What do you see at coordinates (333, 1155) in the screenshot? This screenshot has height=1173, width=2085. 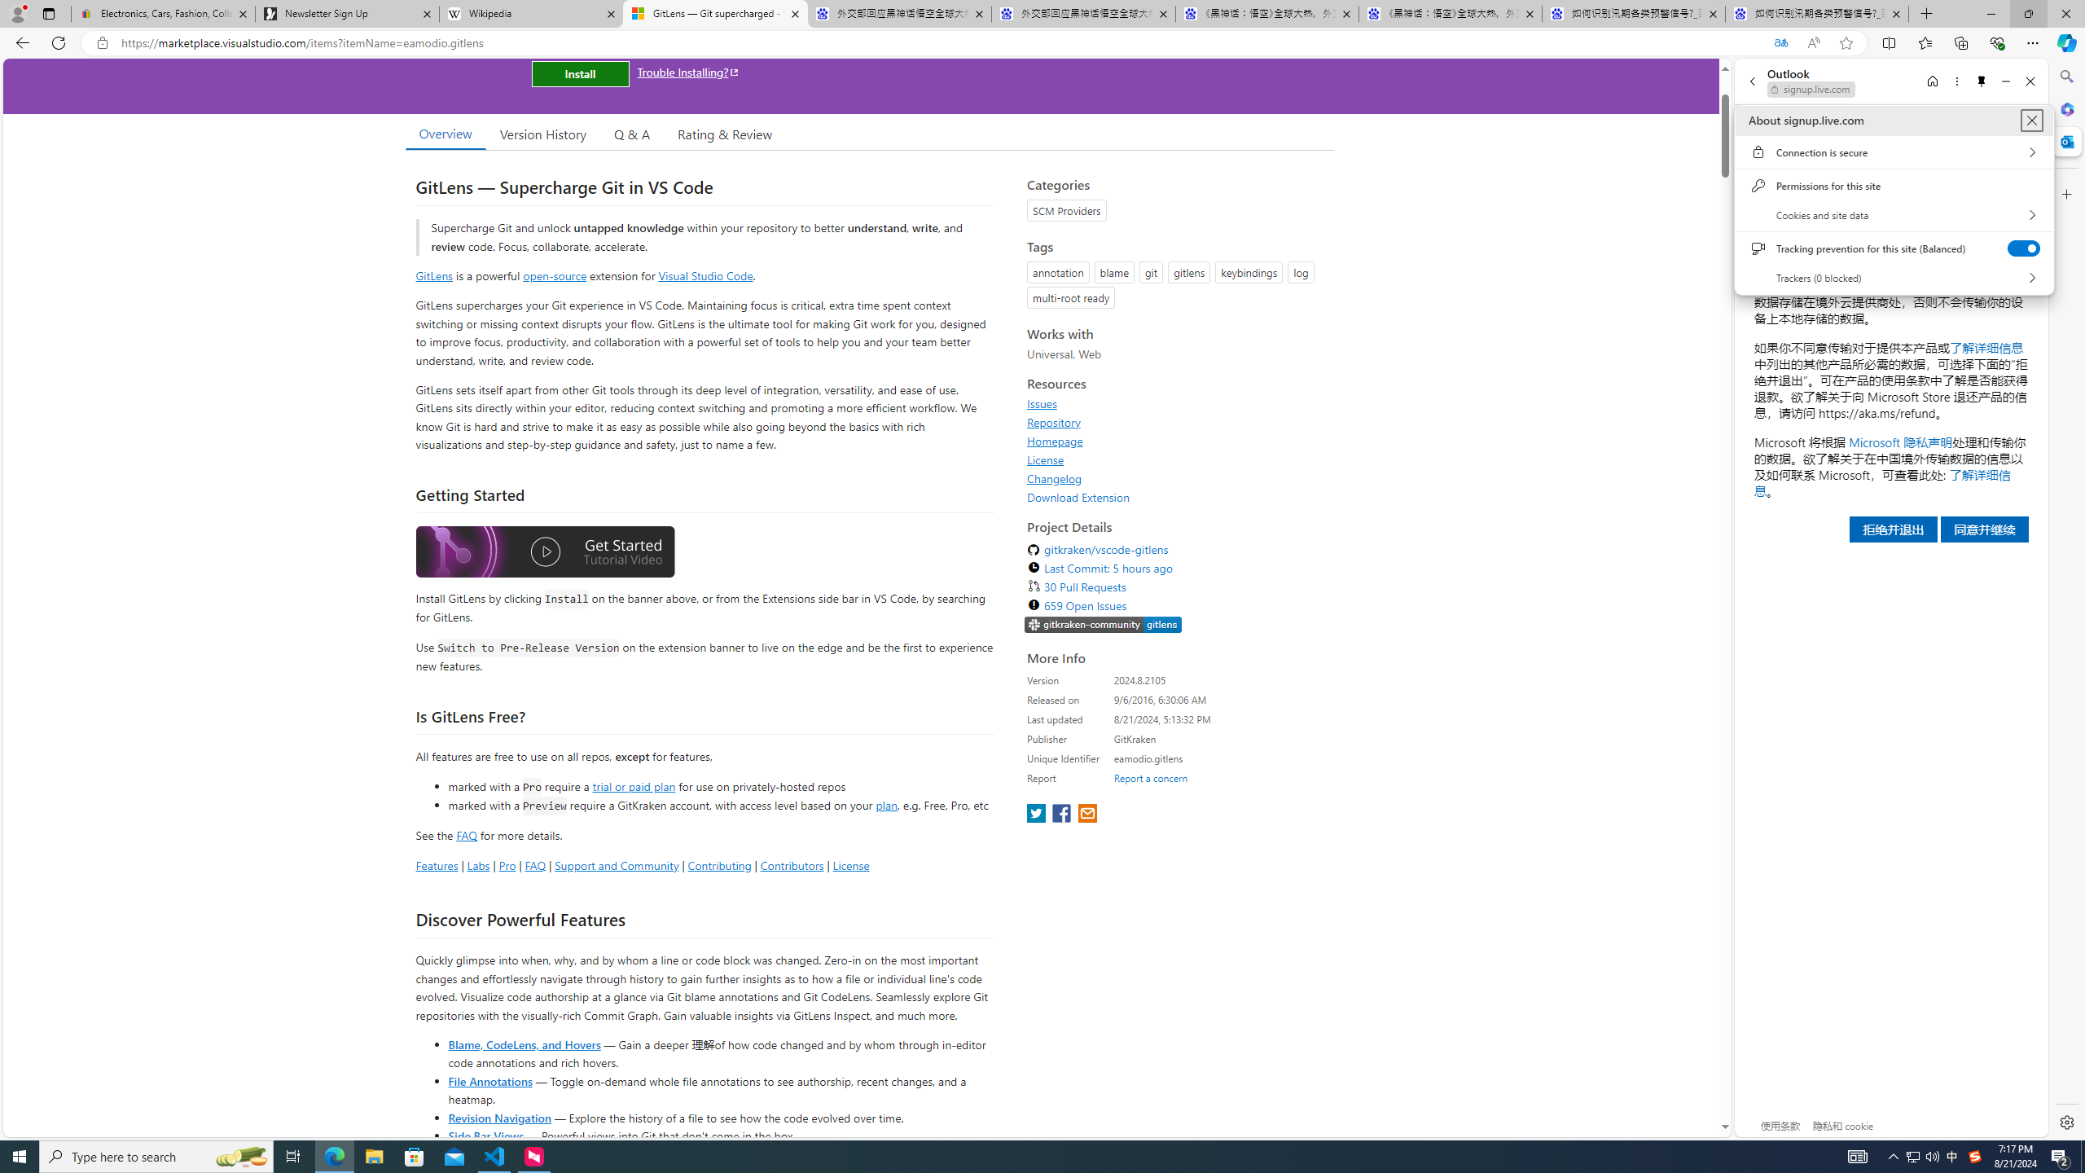 I see `'Microsoft Edge - 1 running window'` at bounding box center [333, 1155].